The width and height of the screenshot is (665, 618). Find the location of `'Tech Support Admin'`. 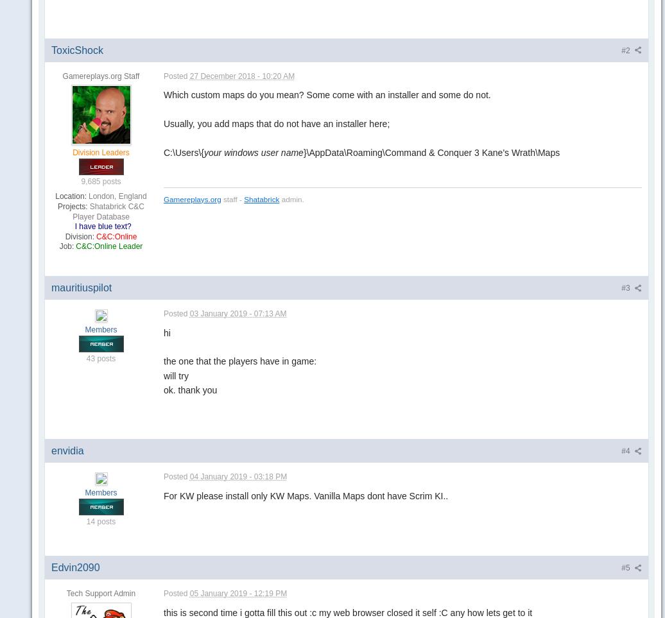

'Tech Support Admin' is located at coordinates (100, 593).